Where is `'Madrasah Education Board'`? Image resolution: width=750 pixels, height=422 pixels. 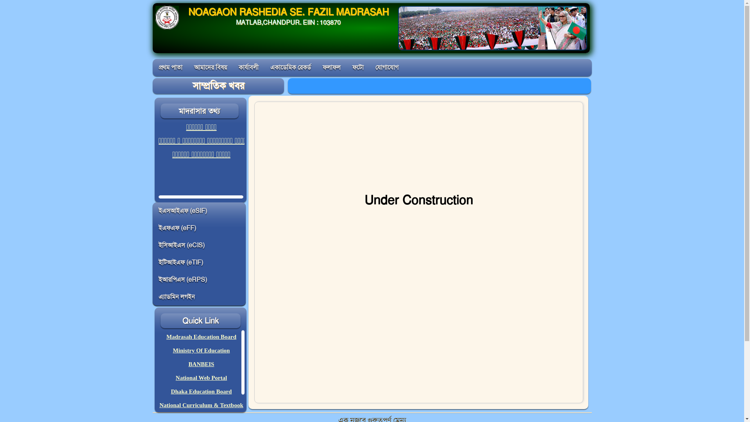 'Madrasah Education Board' is located at coordinates (201, 336).